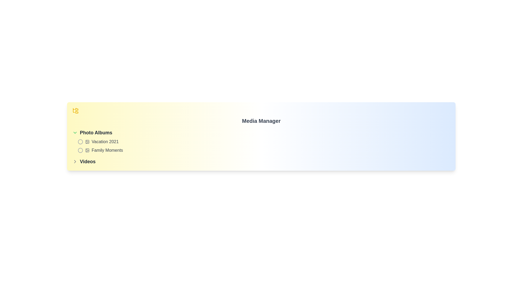 Image resolution: width=513 pixels, height=289 pixels. Describe the element at coordinates (96, 132) in the screenshot. I see `the 'Photo Albums' text label, which is styled in bold, large font with gray-black color on a yellow background, located in the upper section of the navigation menu` at that location.